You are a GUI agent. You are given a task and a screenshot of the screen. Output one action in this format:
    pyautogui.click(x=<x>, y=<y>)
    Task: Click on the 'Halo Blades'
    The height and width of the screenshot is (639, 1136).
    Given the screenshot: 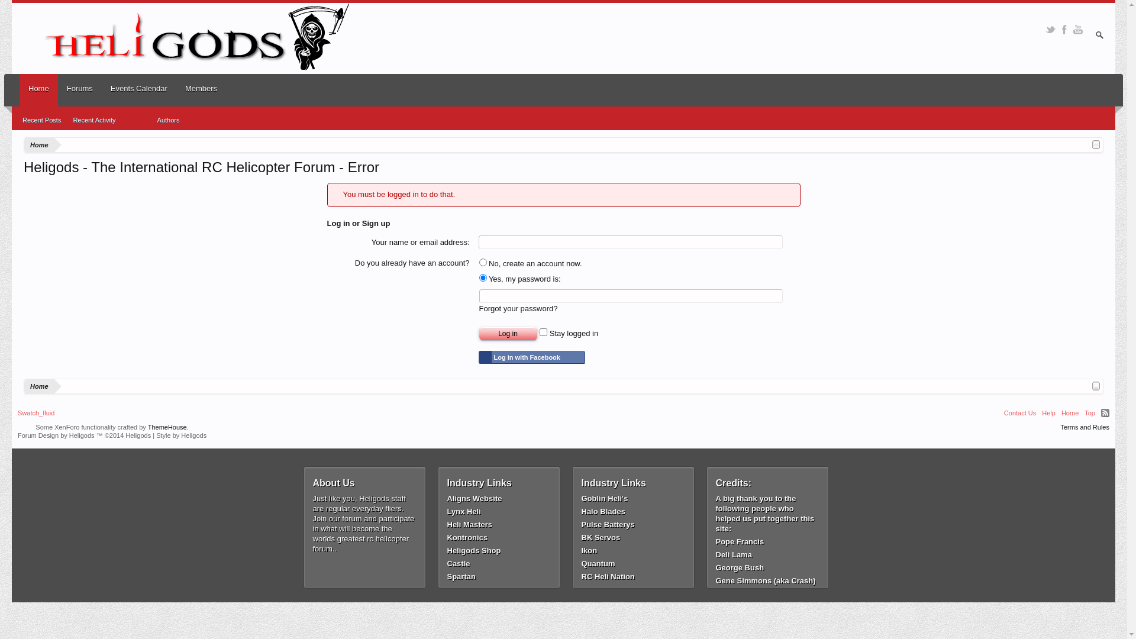 What is the action you would take?
    pyautogui.click(x=632, y=511)
    